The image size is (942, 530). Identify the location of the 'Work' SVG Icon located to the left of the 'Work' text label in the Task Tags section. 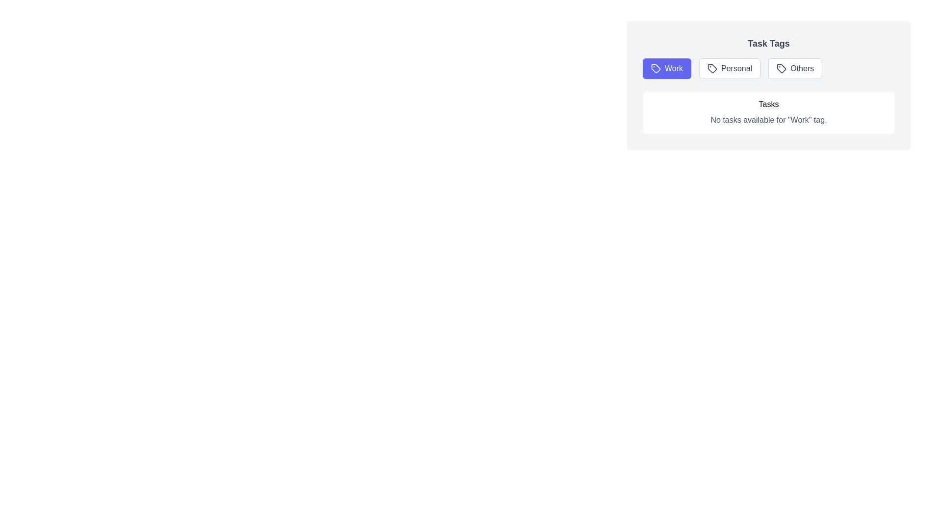
(656, 68).